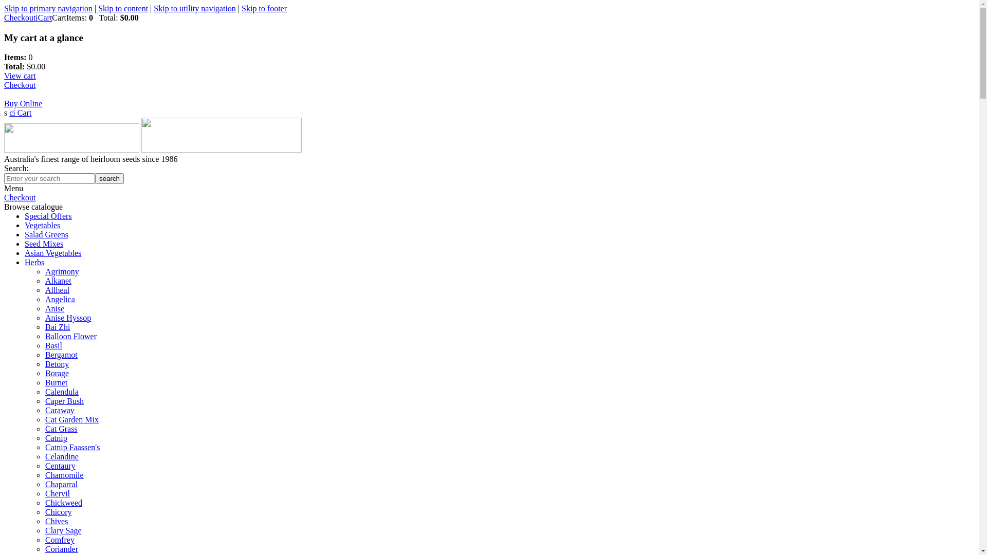  What do you see at coordinates (25, 244) in the screenshot?
I see `'Seed Mixes'` at bounding box center [25, 244].